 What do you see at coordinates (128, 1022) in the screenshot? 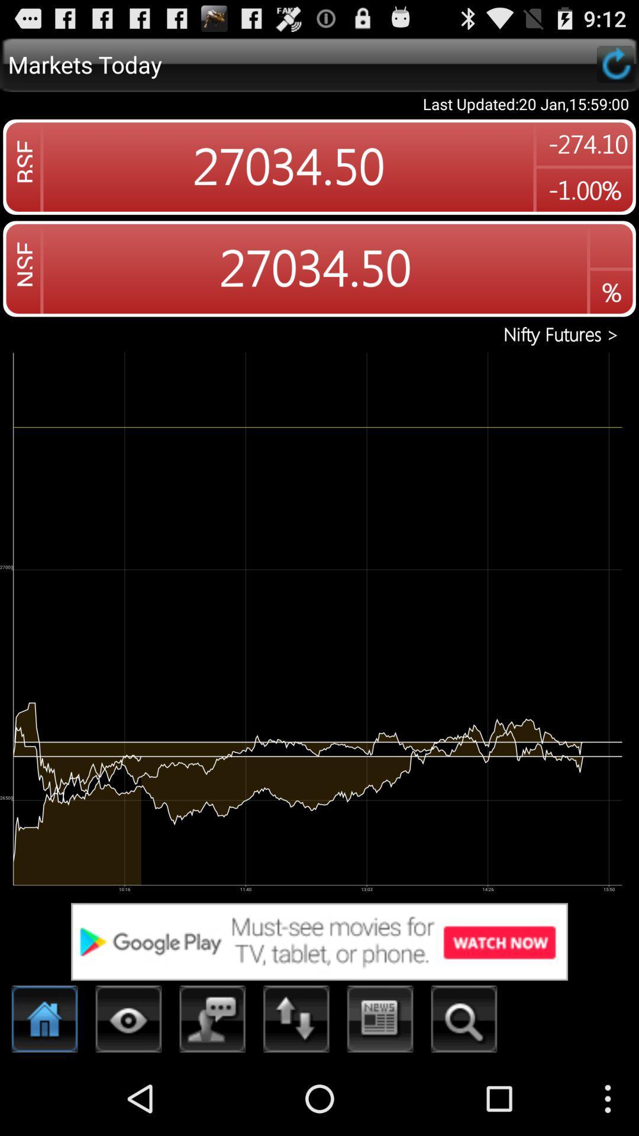
I see `more` at bounding box center [128, 1022].